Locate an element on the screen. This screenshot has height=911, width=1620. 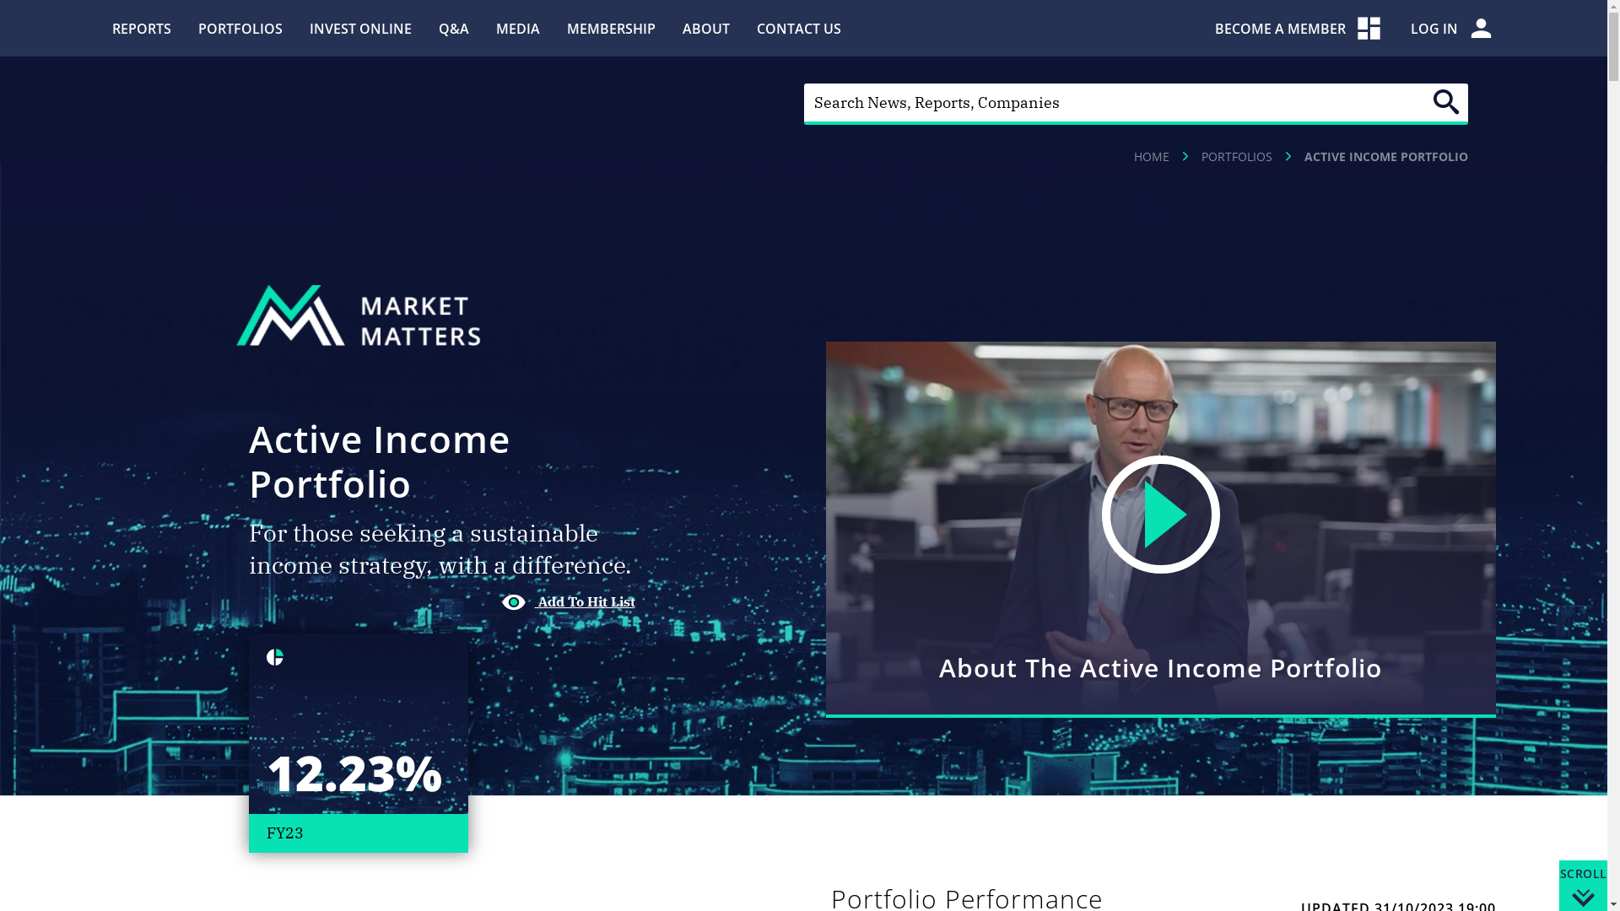
'ABOUT' is located at coordinates (705, 28).